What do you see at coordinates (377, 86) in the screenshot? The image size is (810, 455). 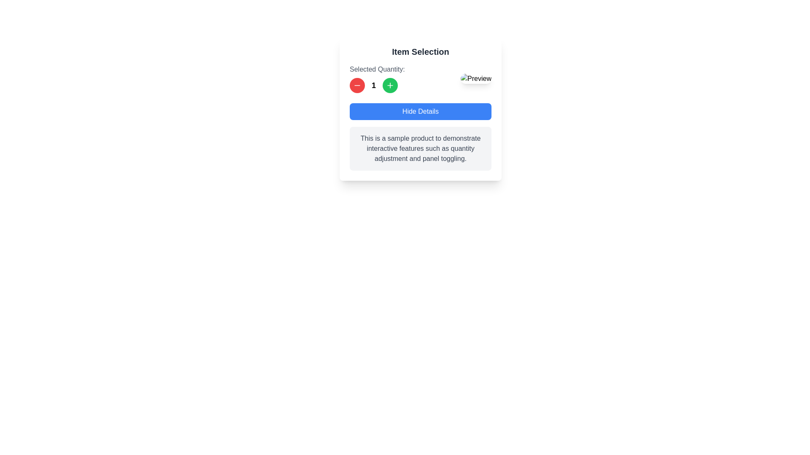 I see `value displayed in the numeral '1' text element, which is centrally positioned between a red minus button and a green plus button, under the label 'Selected Quantity'` at bounding box center [377, 86].